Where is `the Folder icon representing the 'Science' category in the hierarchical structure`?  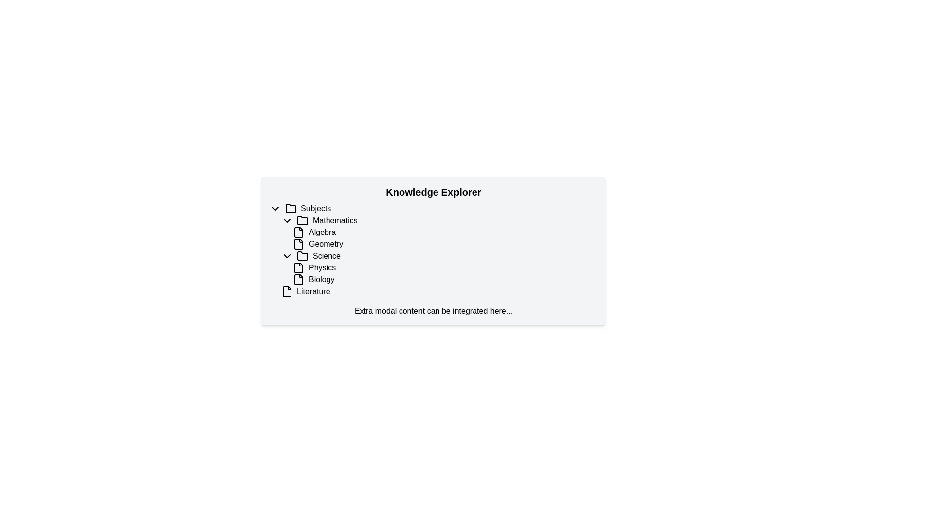 the Folder icon representing the 'Science' category in the hierarchical structure is located at coordinates (302, 255).